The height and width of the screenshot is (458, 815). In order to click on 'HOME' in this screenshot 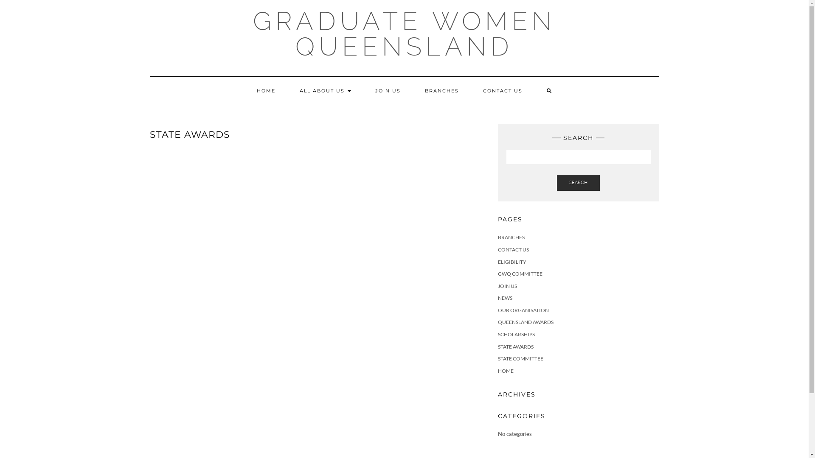, I will do `click(505, 370)`.